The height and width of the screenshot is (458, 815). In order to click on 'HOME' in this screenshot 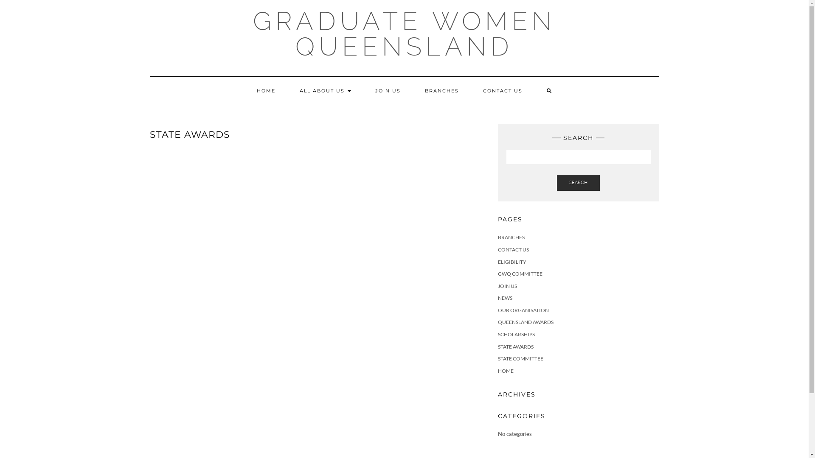, I will do `click(505, 370)`.